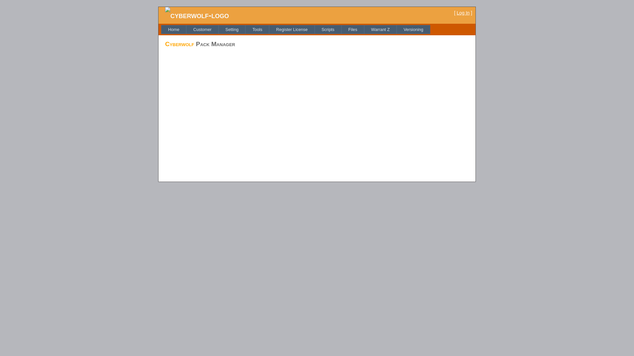  I want to click on 'Tools', so click(257, 29).